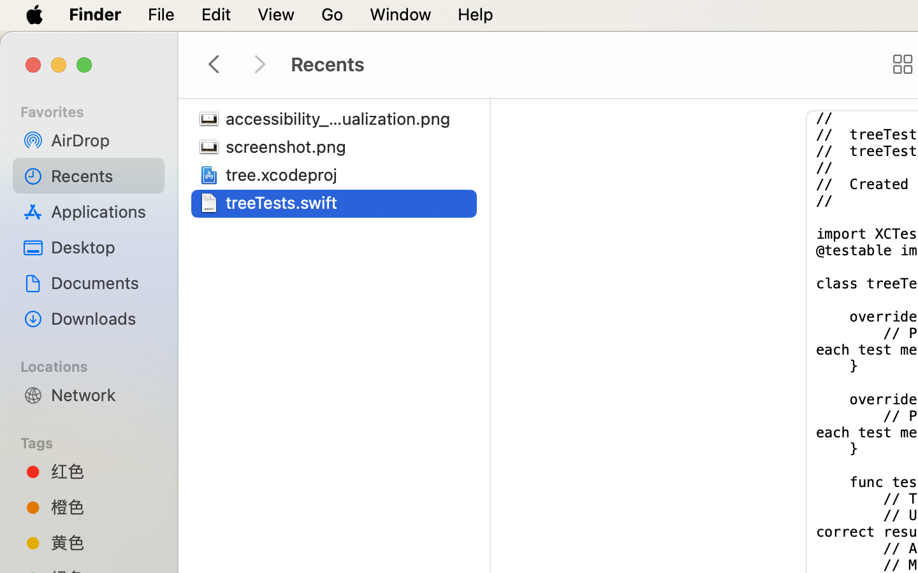  Describe the element at coordinates (101, 318) in the screenshot. I see `'Downloads'` at that location.